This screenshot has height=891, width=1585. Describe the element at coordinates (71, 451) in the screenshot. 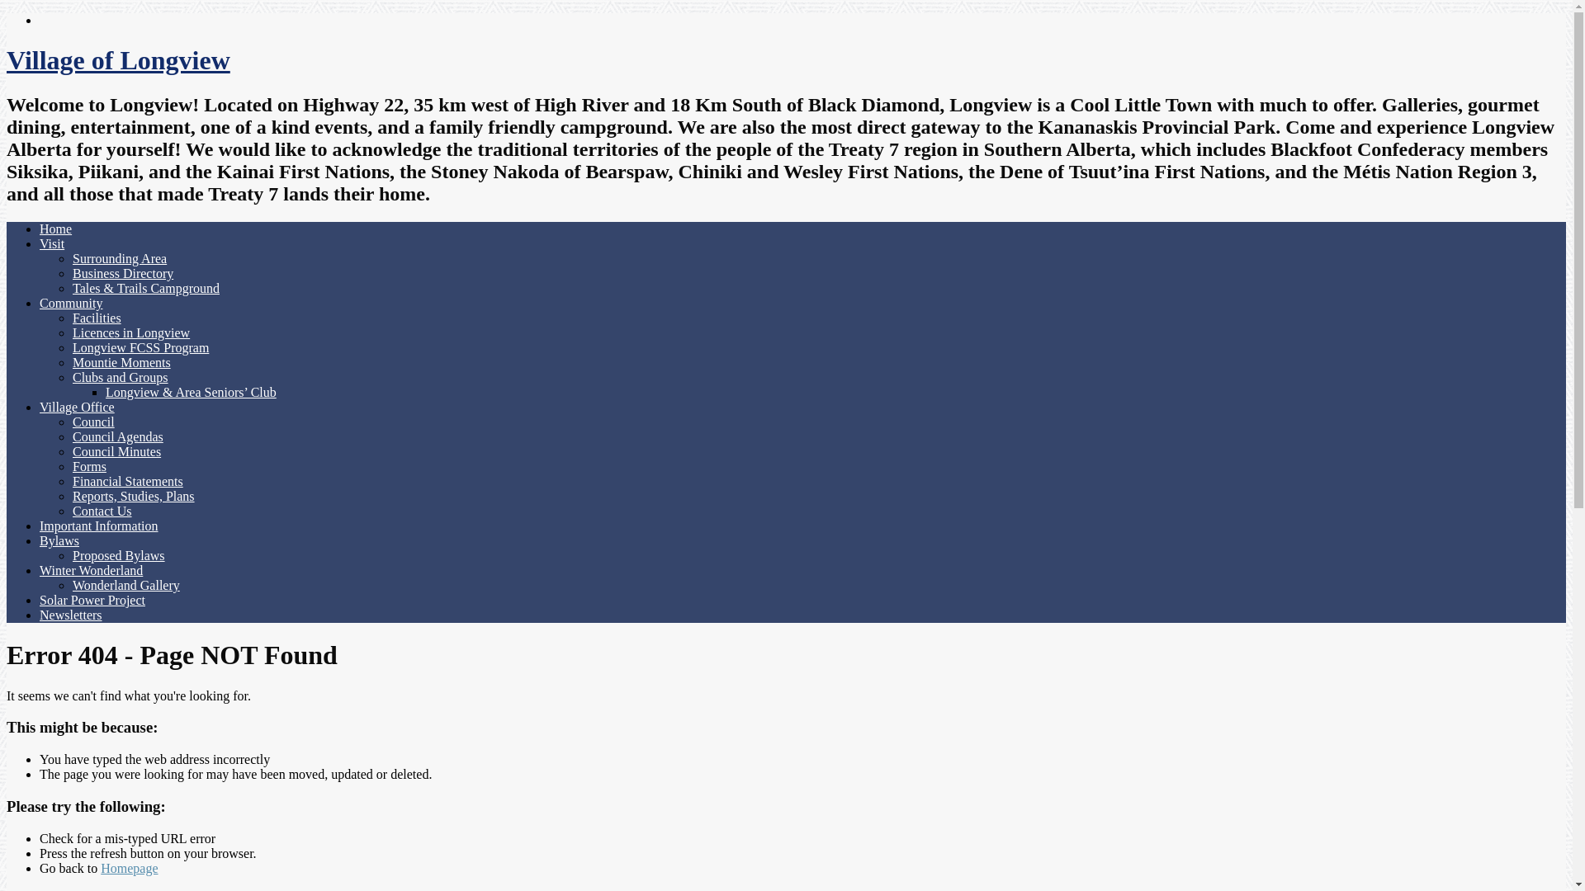

I see `'Council Minutes'` at that location.